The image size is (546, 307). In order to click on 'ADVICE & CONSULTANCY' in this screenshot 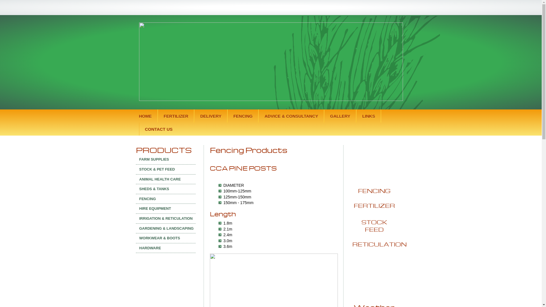, I will do `click(291, 116)`.